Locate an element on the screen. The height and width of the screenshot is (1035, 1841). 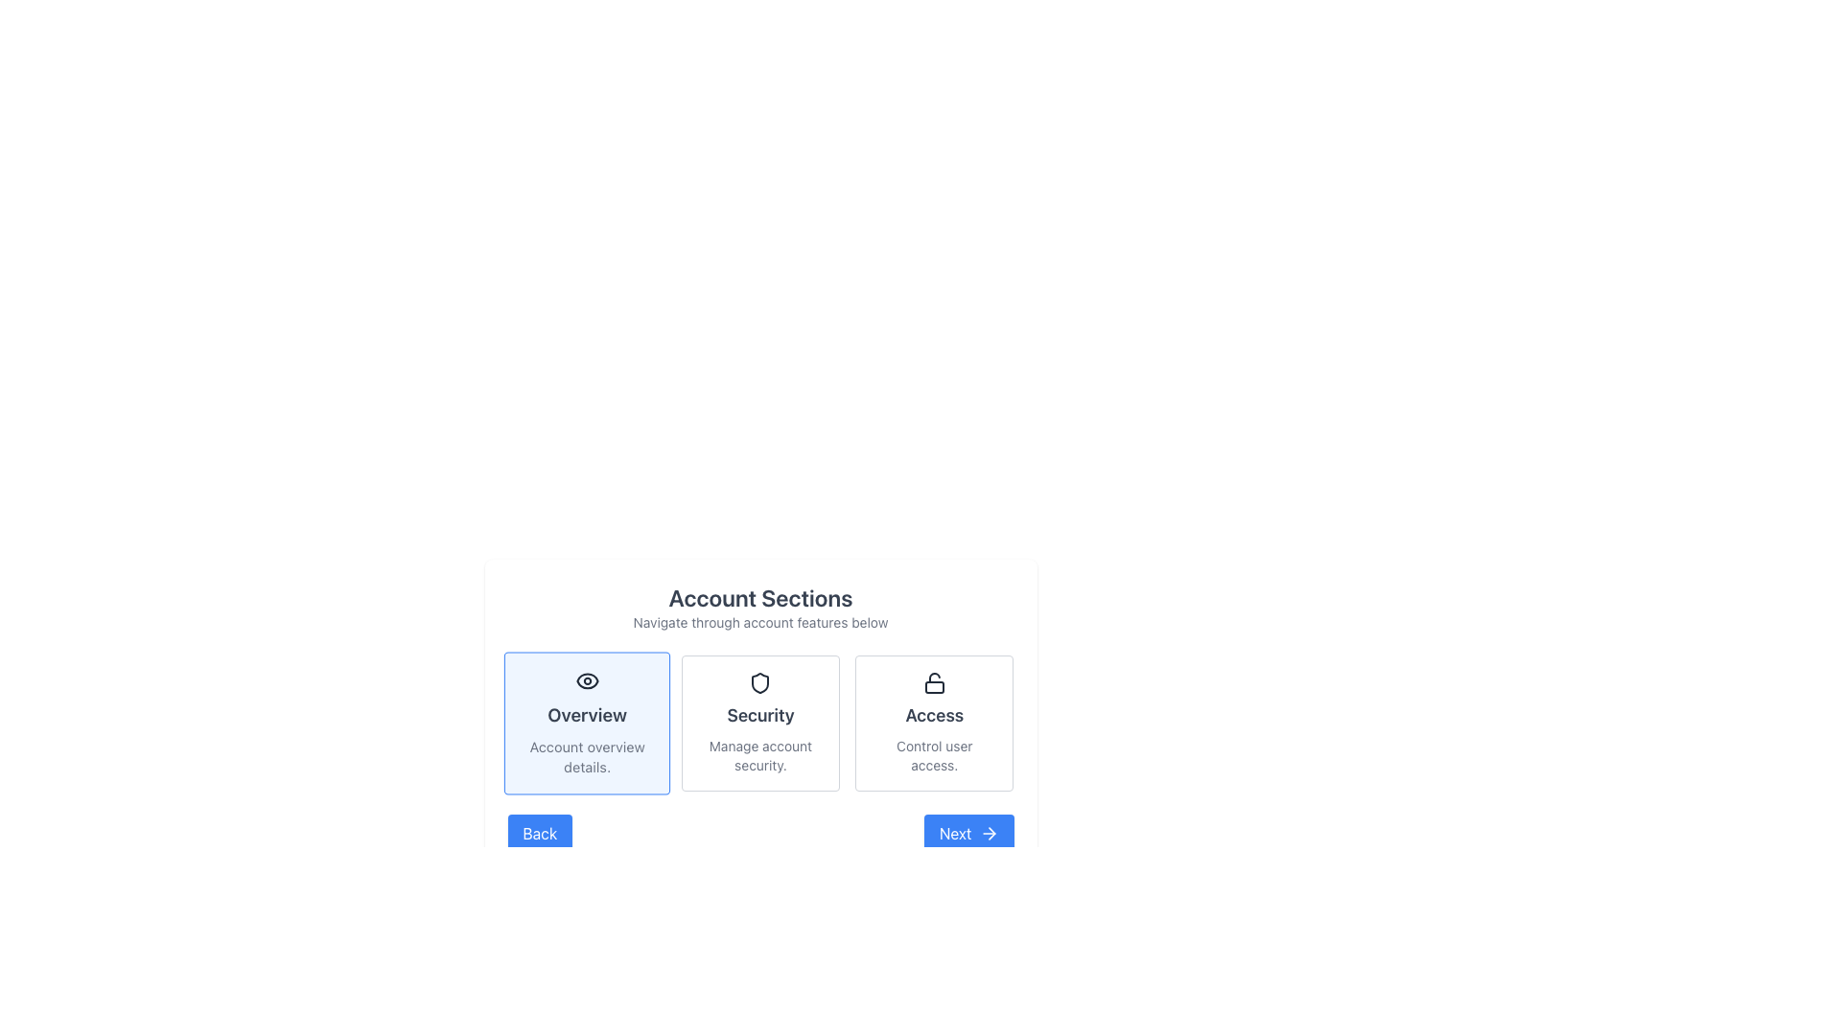
the navigation button located in the bottom-right corner of the account options section to proceed to the next step or page is located at coordinates (968, 833).